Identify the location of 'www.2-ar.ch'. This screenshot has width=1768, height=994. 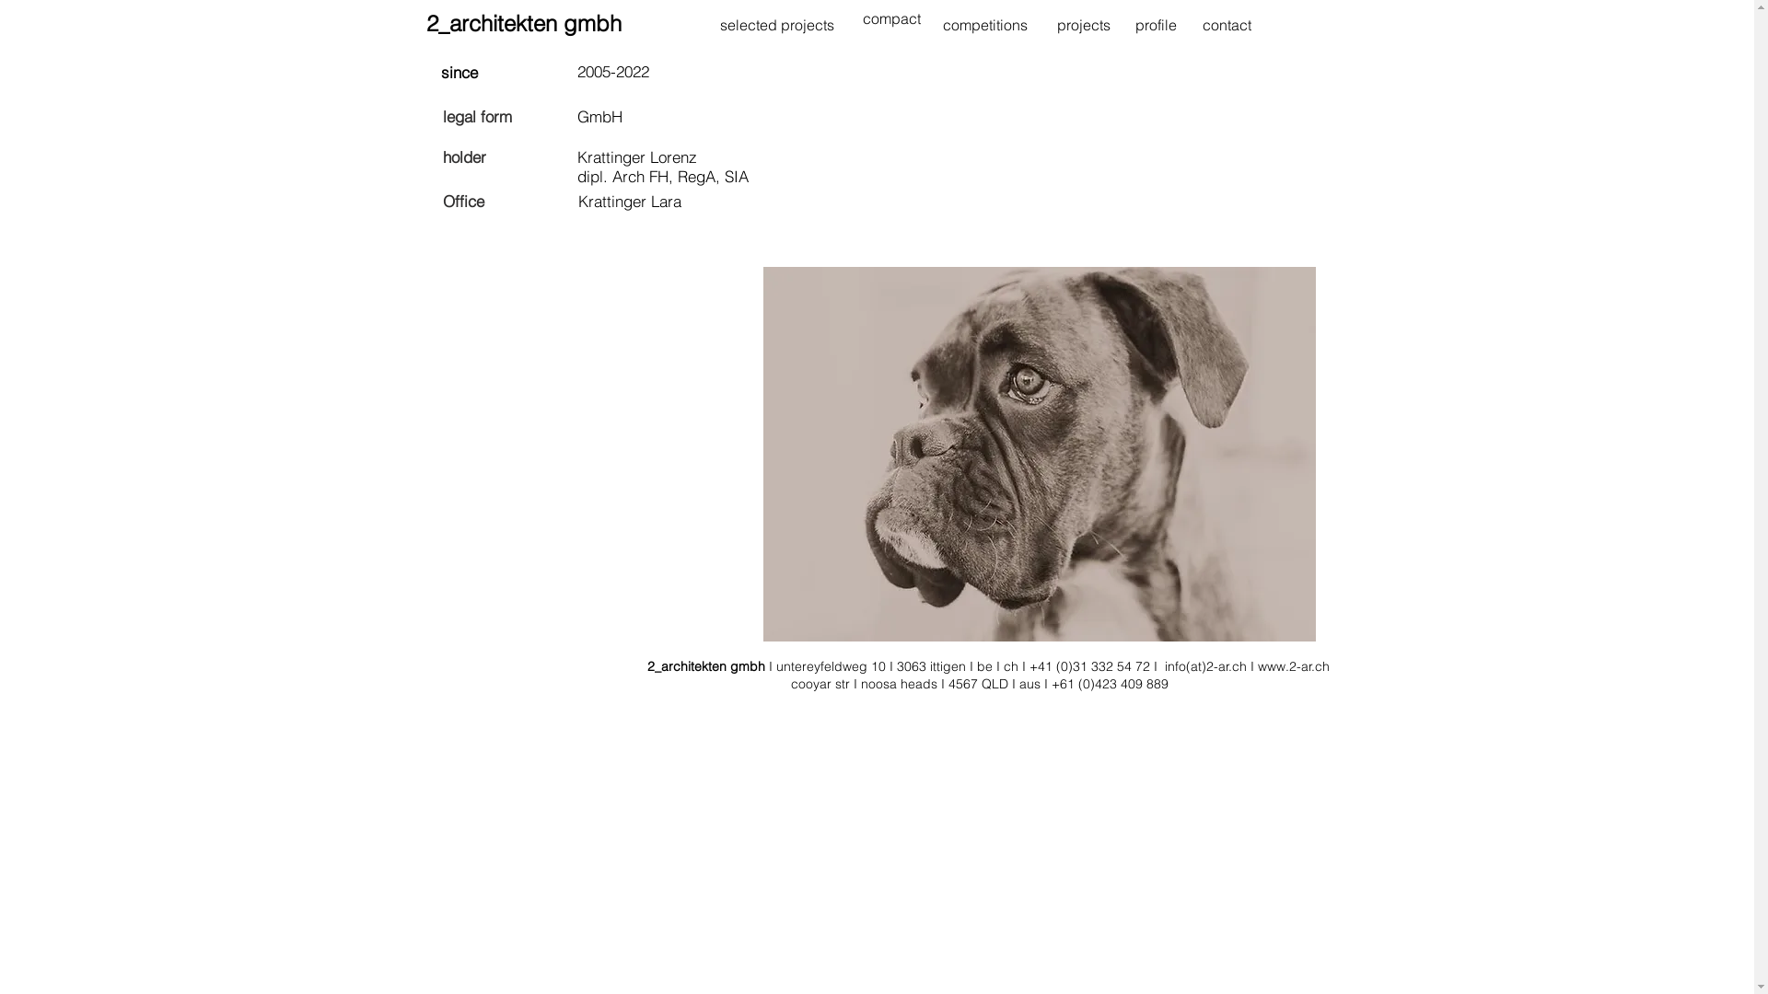
(1293, 666).